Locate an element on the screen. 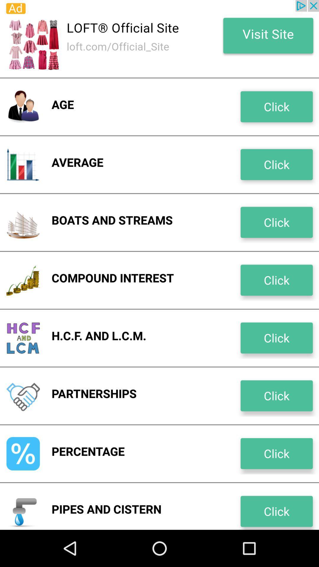  advertisement is located at coordinates (159, 38).